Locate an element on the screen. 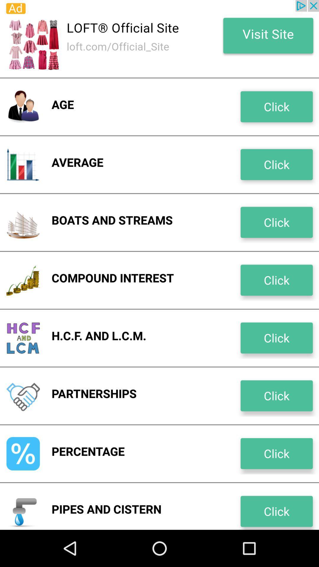  advertisement is located at coordinates (159, 38).